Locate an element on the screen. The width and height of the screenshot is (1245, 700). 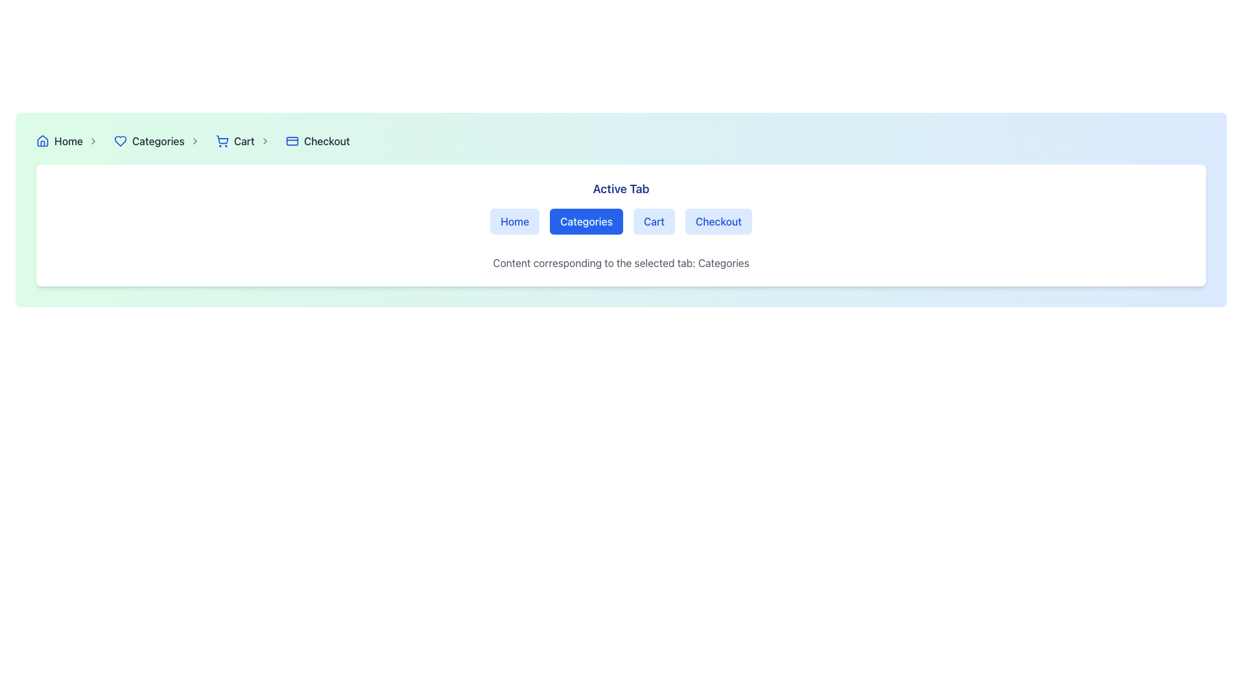
the Text Label that indicates the current active section of the interface, positioned above the navigation options ('Home', 'Categories', 'Cart', 'Checkout') is located at coordinates (621, 189).